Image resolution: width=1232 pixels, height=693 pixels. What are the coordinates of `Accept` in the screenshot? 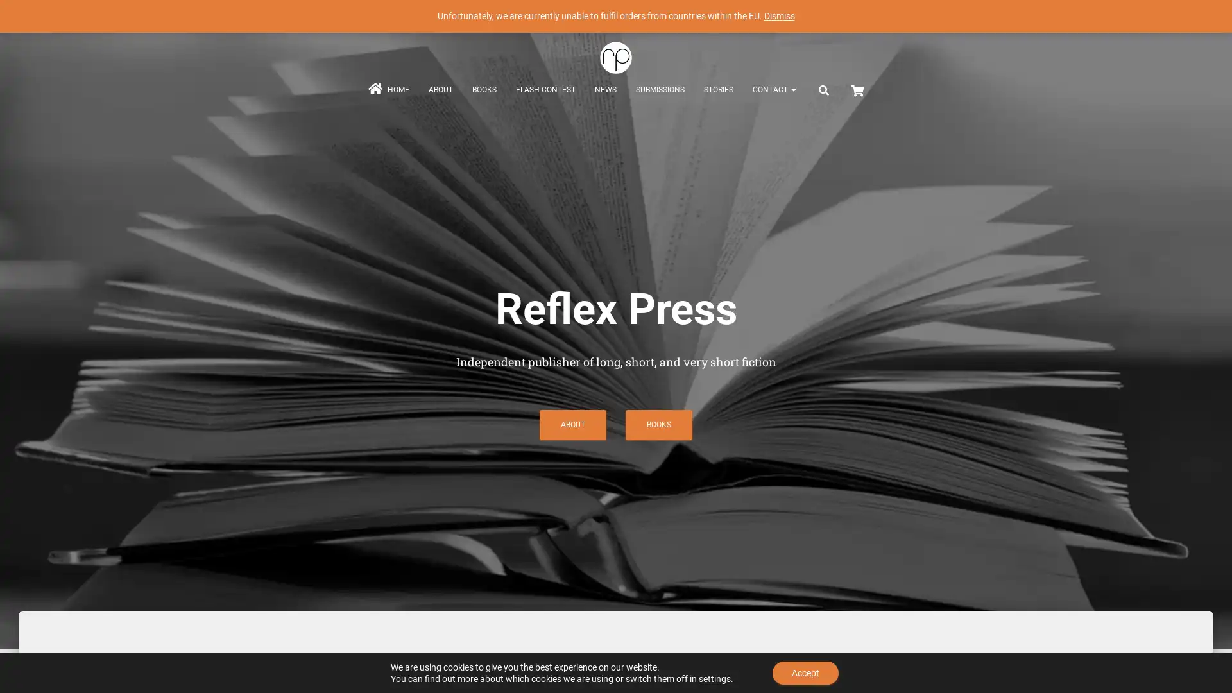 It's located at (805, 672).